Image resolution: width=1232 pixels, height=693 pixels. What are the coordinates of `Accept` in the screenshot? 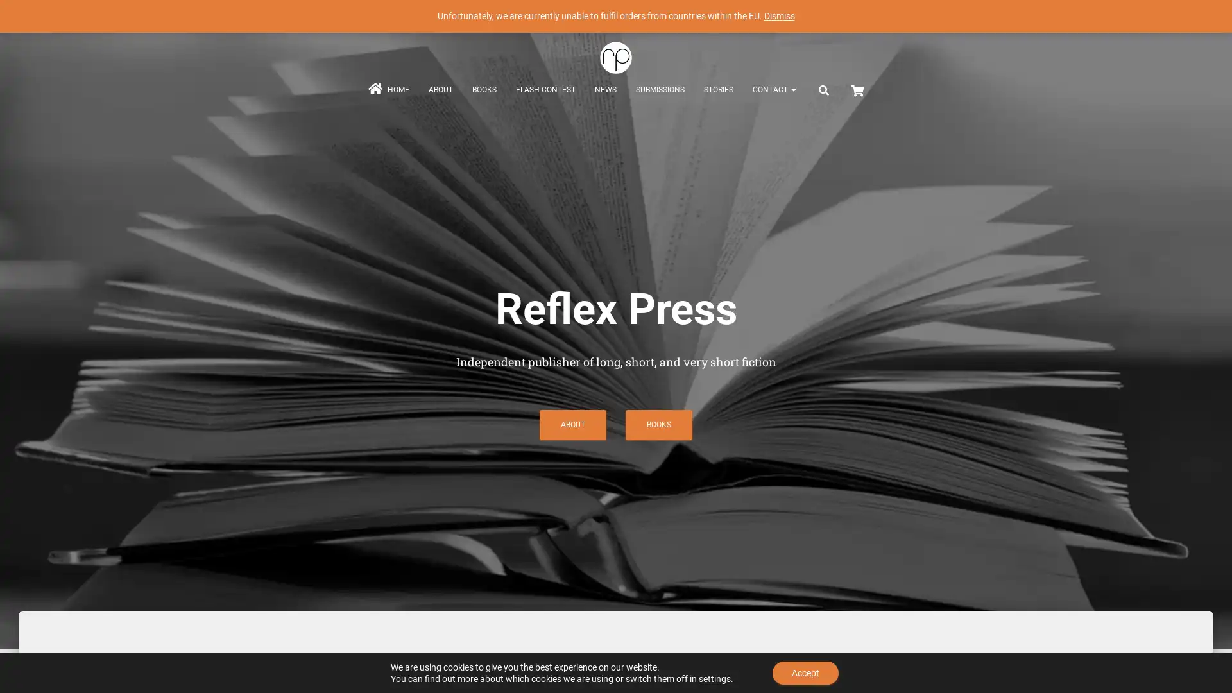 It's located at (805, 672).